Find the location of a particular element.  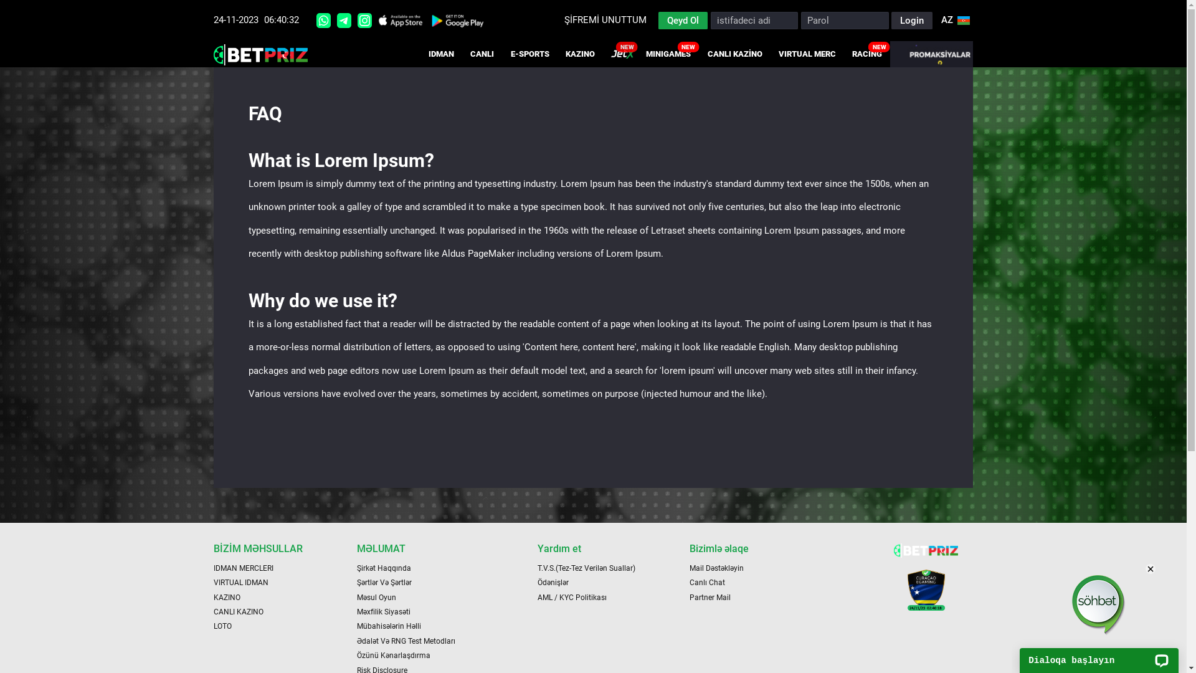

'VIRTUAL IDMAN' is located at coordinates (241, 582).